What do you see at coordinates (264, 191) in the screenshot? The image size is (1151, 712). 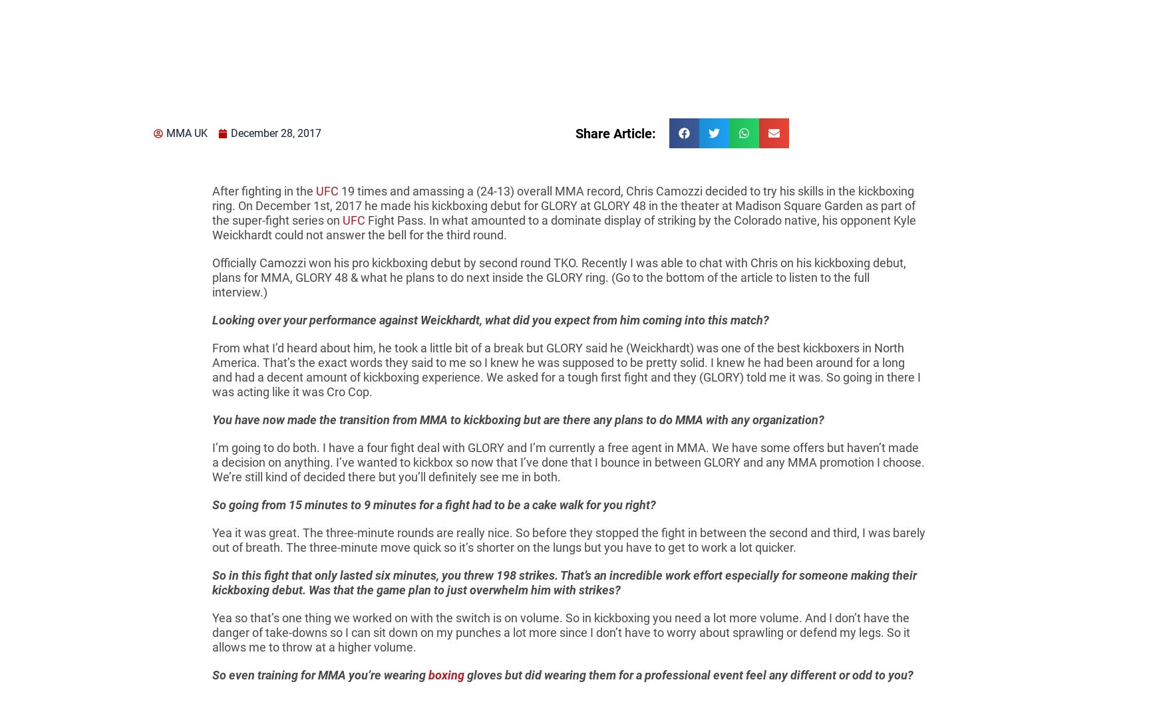 I see `'After fighting in the'` at bounding box center [264, 191].